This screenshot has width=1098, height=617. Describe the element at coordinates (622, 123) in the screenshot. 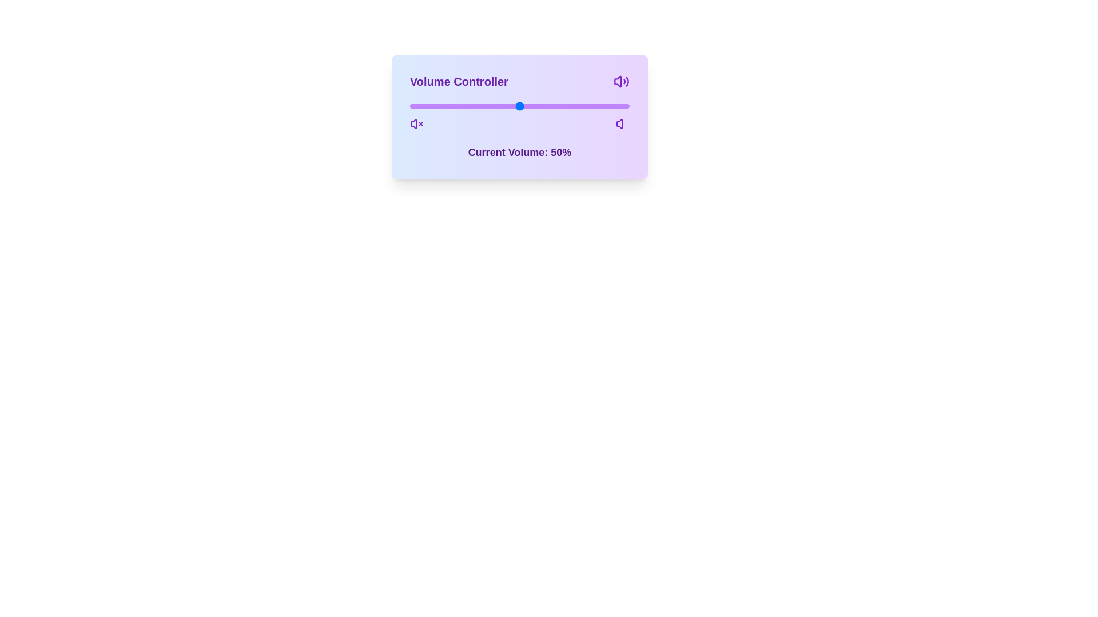

I see `the volume_up icon to adjust the volume` at that location.